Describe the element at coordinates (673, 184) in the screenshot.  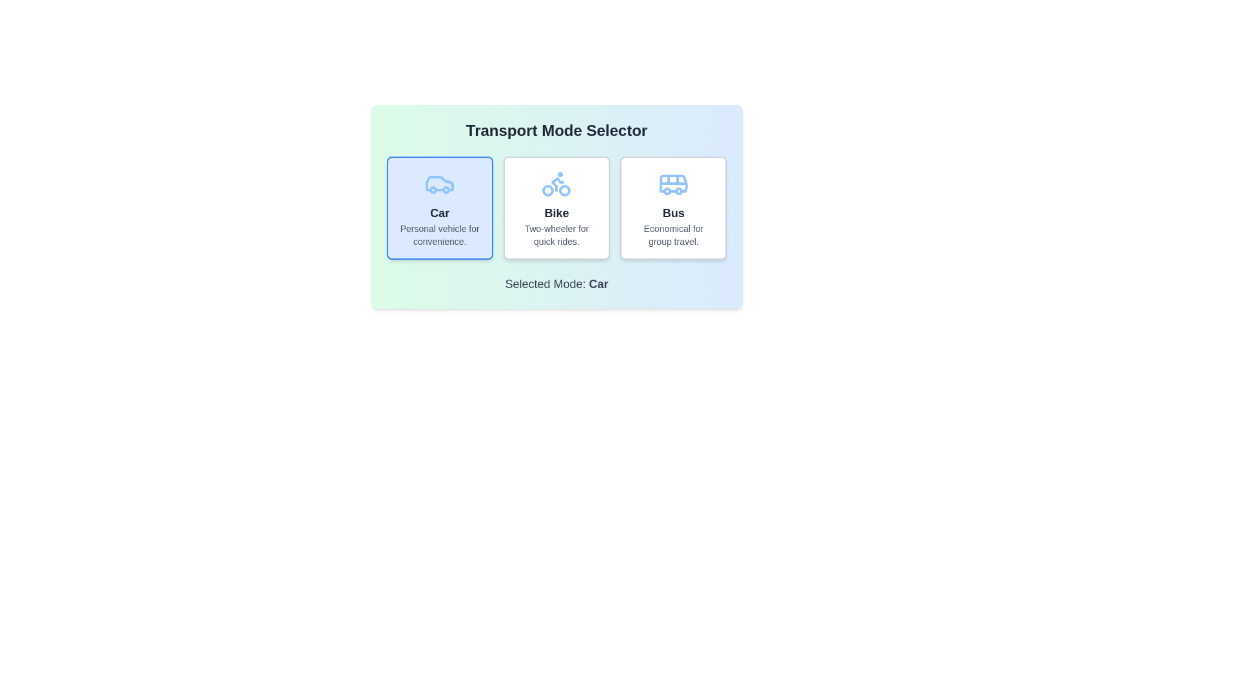
I see `the 'Bus' transport mode icon, which is the third option in the selection interface, located to the right of the 'Car' and 'Bike' options` at that location.